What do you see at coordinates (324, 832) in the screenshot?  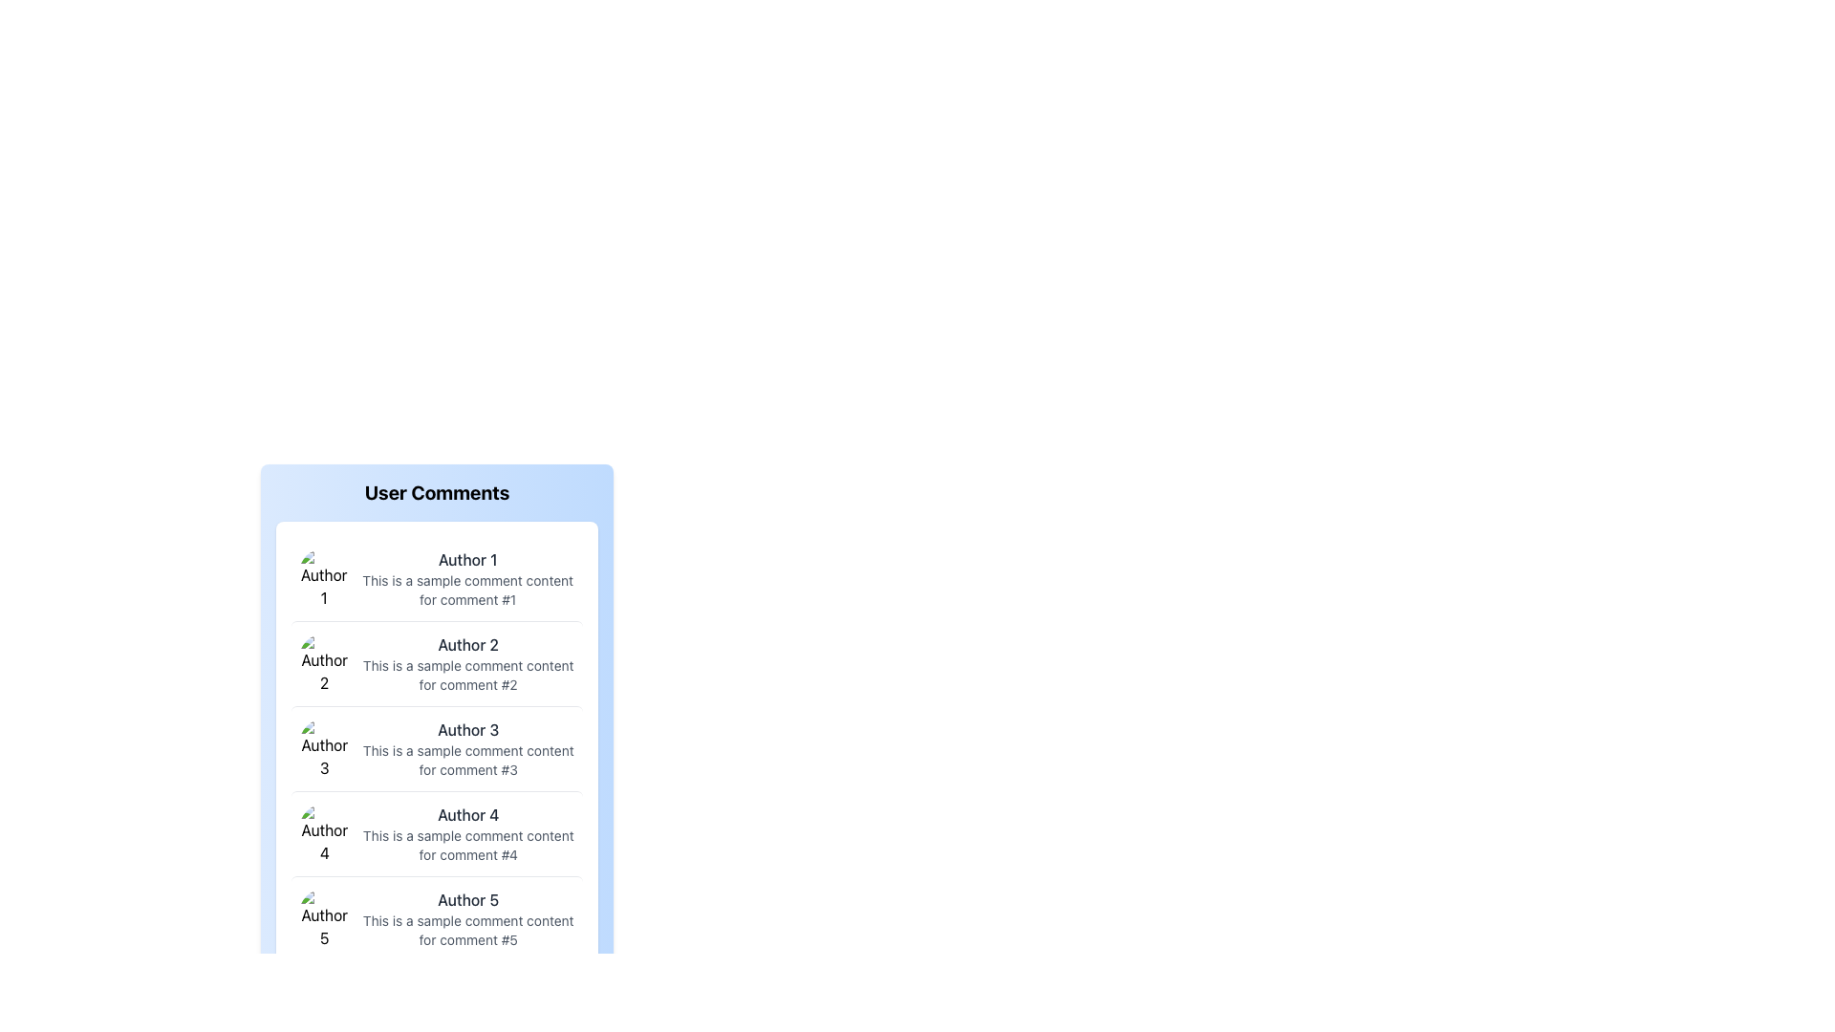 I see `the profile picture of 'Author 4'` at bounding box center [324, 832].